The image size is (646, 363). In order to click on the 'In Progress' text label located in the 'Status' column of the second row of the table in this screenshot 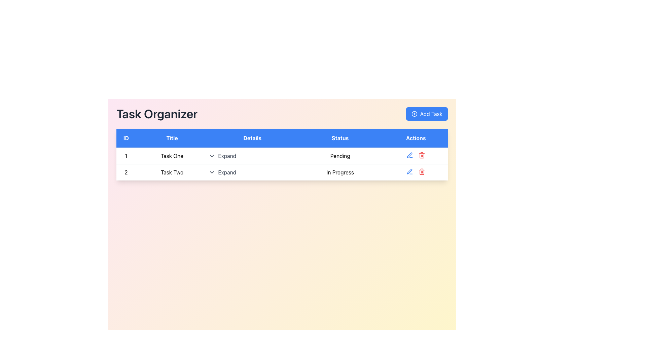, I will do `click(340, 172)`.